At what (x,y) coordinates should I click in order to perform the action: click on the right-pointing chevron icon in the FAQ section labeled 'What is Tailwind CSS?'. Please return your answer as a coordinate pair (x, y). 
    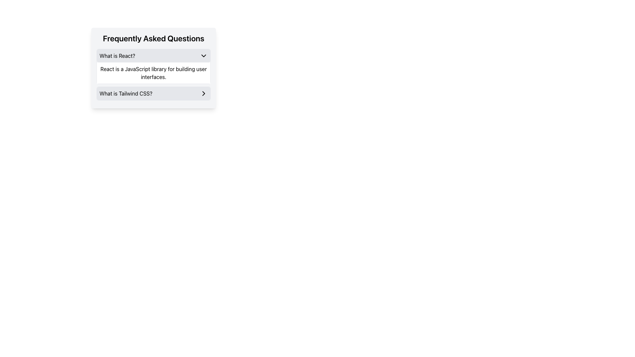
    Looking at the image, I should click on (203, 93).